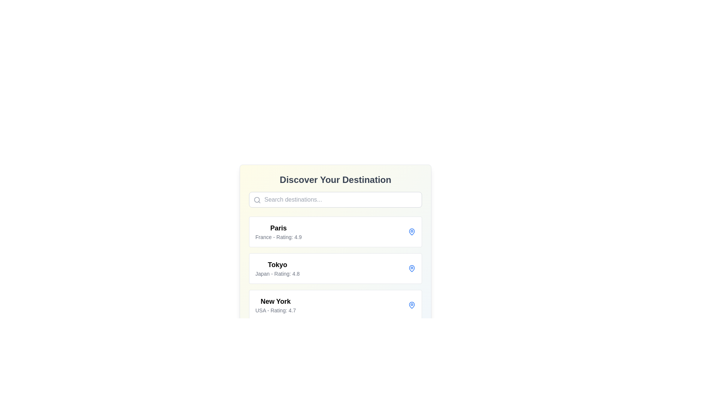 The image size is (719, 404). Describe the element at coordinates (278, 227) in the screenshot. I see `the text displaying the name of the city 'Paris', which is located at the top position of the 'Paris' destination group` at that location.